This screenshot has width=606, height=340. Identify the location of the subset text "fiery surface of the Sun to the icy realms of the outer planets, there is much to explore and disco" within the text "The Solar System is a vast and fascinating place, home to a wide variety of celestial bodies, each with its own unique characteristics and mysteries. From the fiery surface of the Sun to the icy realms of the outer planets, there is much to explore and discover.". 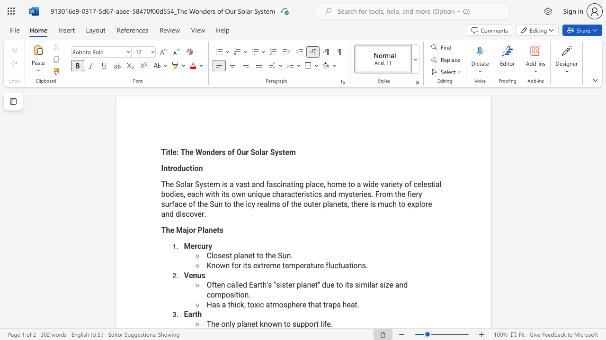
(407, 194).